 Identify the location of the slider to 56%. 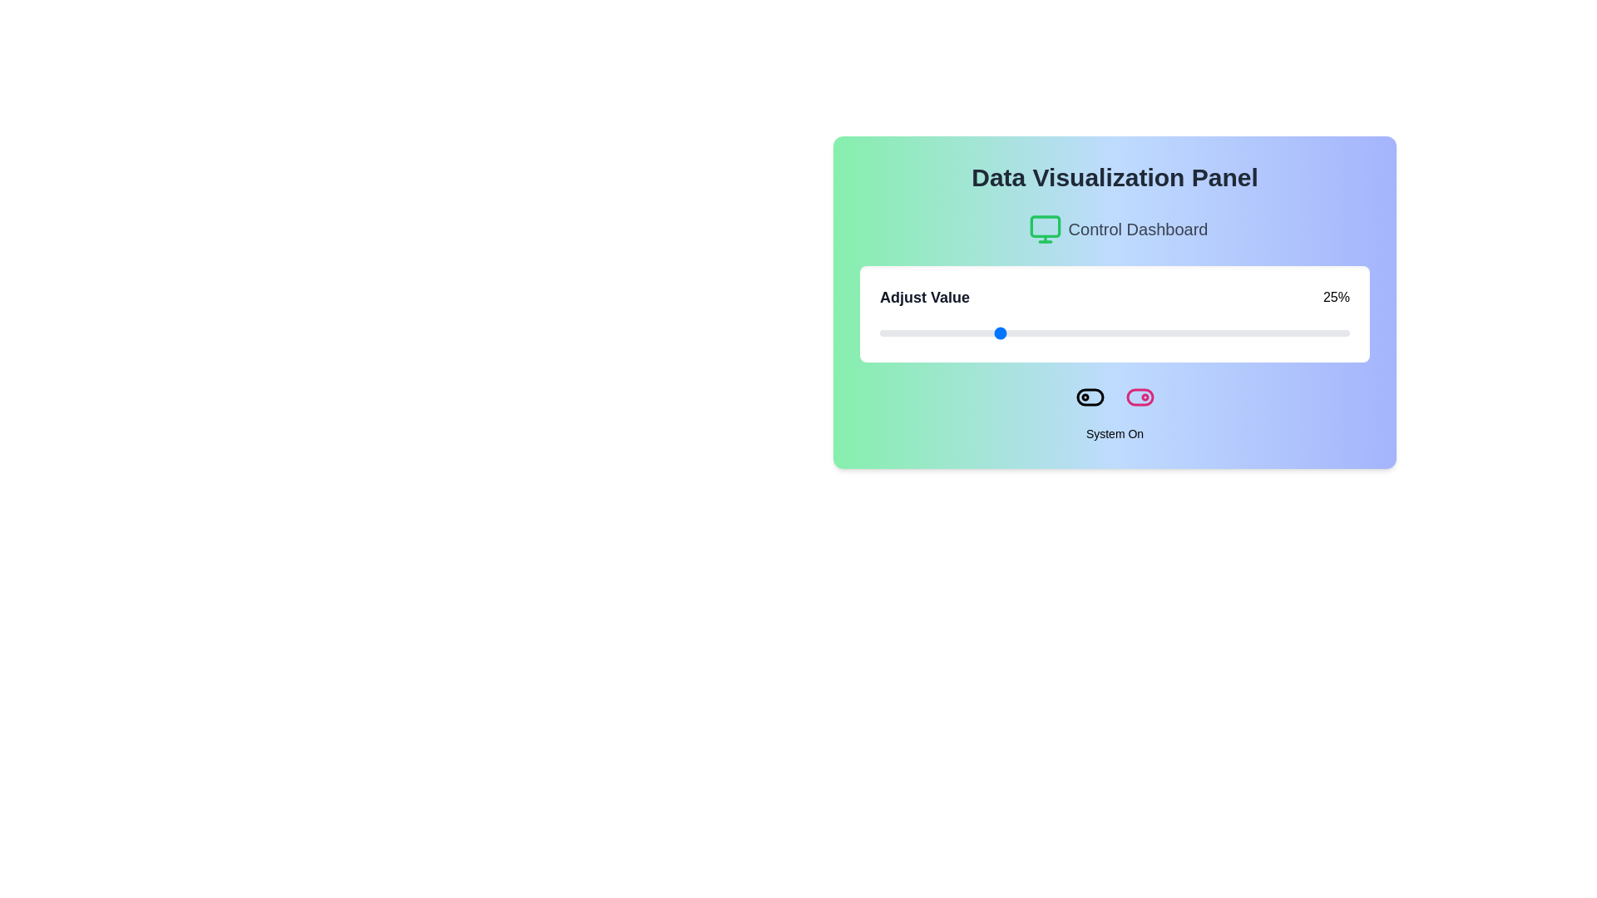
(1142, 333).